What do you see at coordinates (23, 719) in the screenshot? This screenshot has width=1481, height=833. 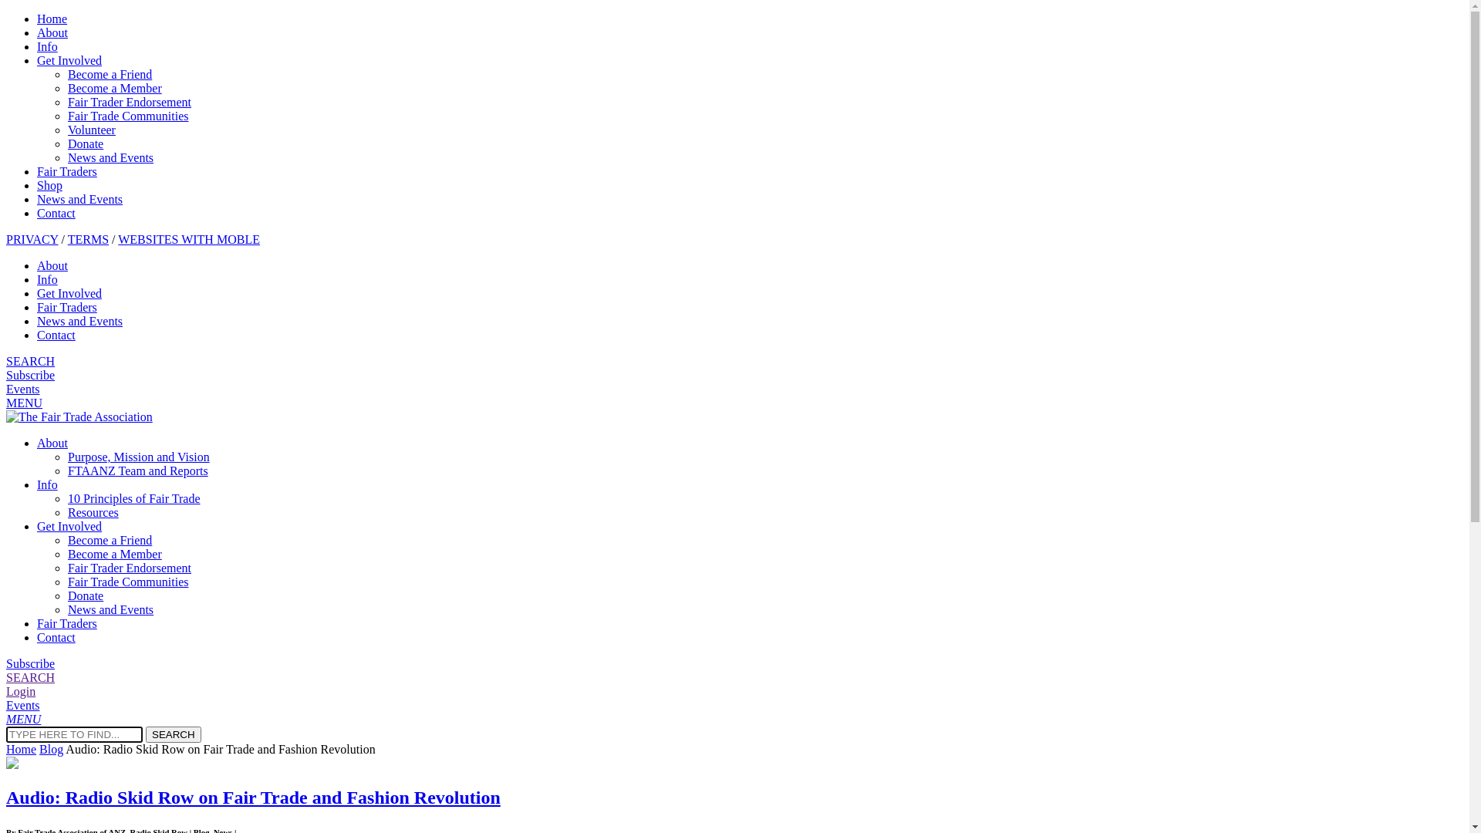 I see `'MENU'` at bounding box center [23, 719].